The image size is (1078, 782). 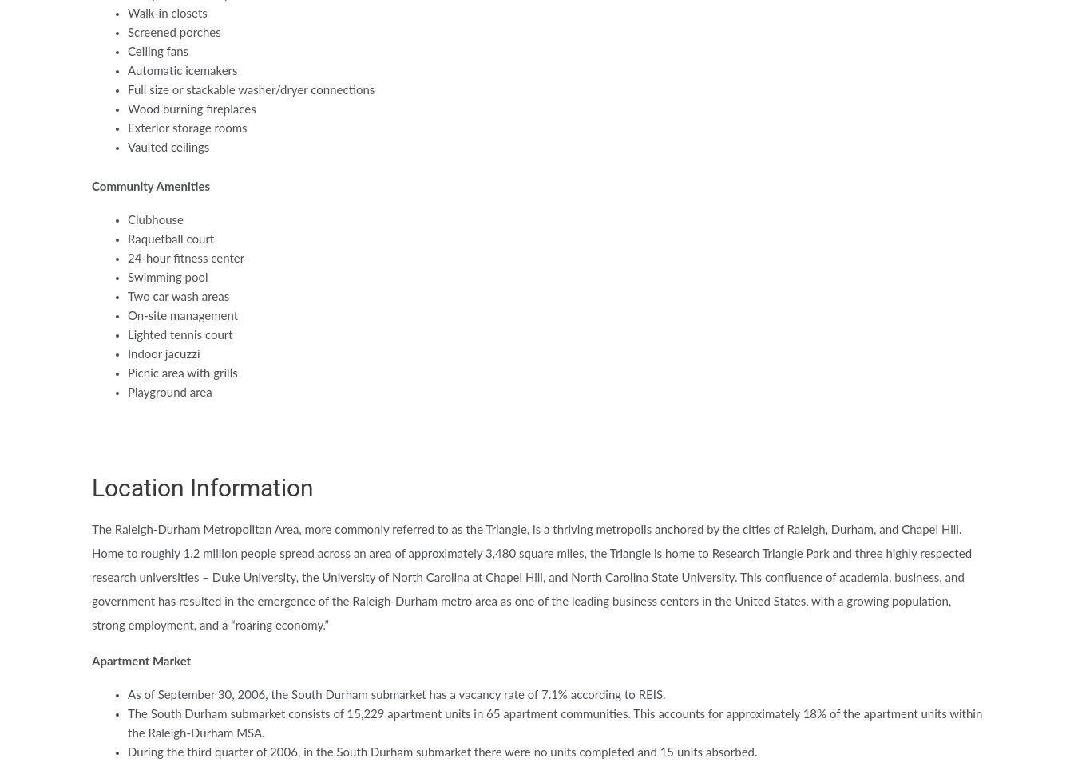 I want to click on 'The South Durham submarket consists of 15,229 apartment units in 65 apartment communities. This accounts for approximately 18% of the apartment units within the Raleigh-Durham MSA.', so click(x=553, y=724).